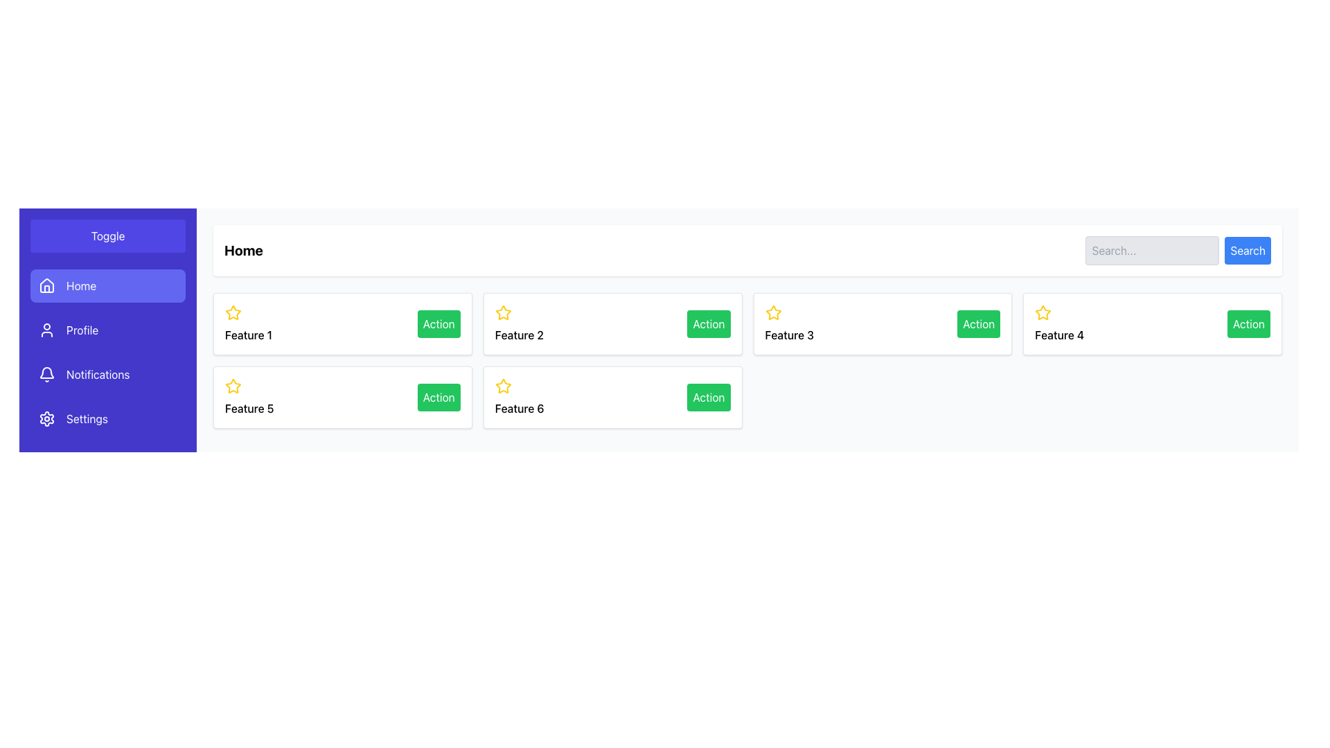 The width and height of the screenshot is (1330, 748). Describe the element at coordinates (97, 374) in the screenshot. I see `the 'Notifications' text label, which is the fourth navigation item in the vertical list of the blue sidebar` at that location.